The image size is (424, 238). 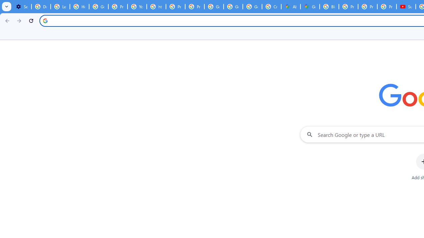 I want to click on 'Google Maps', so click(x=310, y=7).